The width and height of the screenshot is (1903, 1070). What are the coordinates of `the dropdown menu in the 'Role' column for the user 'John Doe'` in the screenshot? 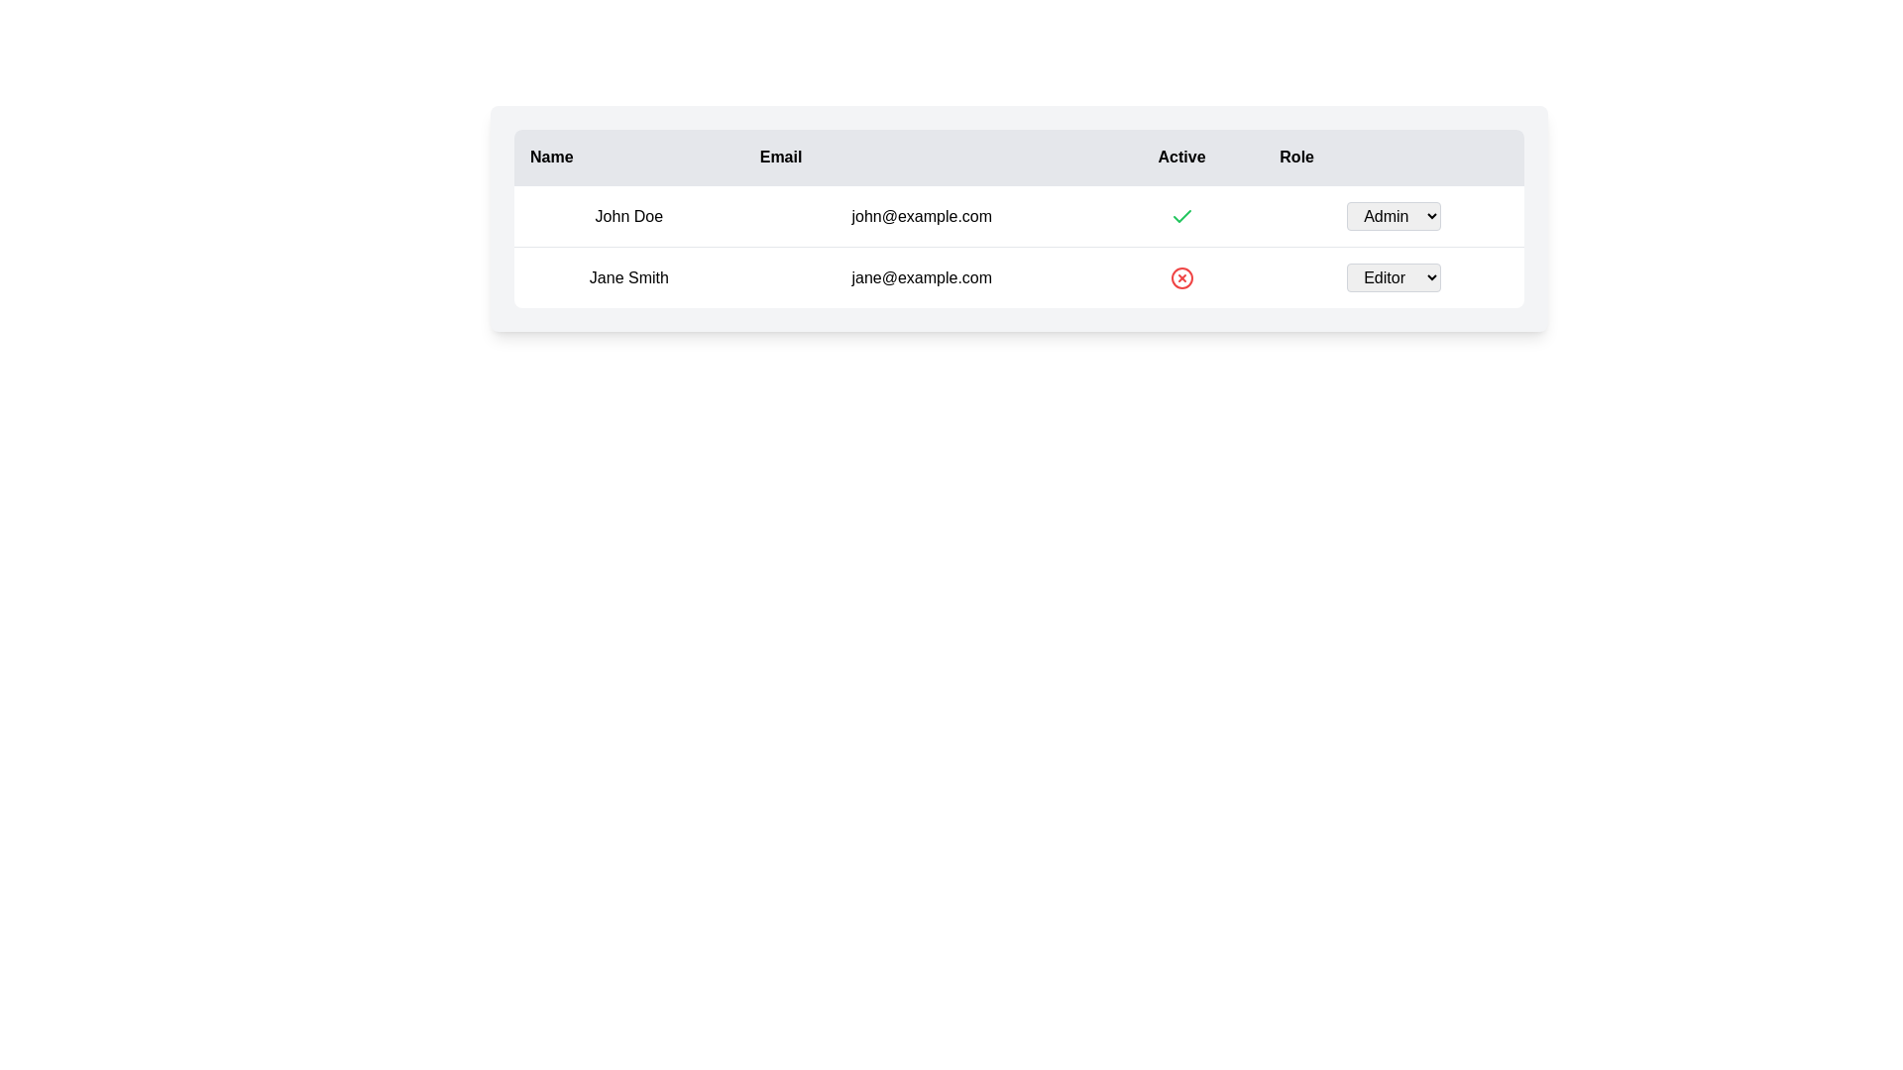 It's located at (1393, 216).